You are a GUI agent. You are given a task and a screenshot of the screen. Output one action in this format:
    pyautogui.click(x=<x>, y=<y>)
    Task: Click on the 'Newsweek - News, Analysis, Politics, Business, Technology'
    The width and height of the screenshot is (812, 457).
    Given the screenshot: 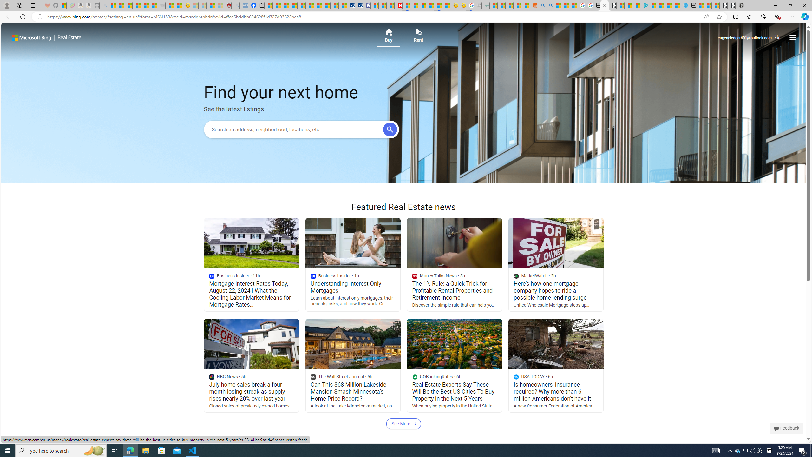 What is the action you would take?
    pyautogui.click(x=398, y=5)
    